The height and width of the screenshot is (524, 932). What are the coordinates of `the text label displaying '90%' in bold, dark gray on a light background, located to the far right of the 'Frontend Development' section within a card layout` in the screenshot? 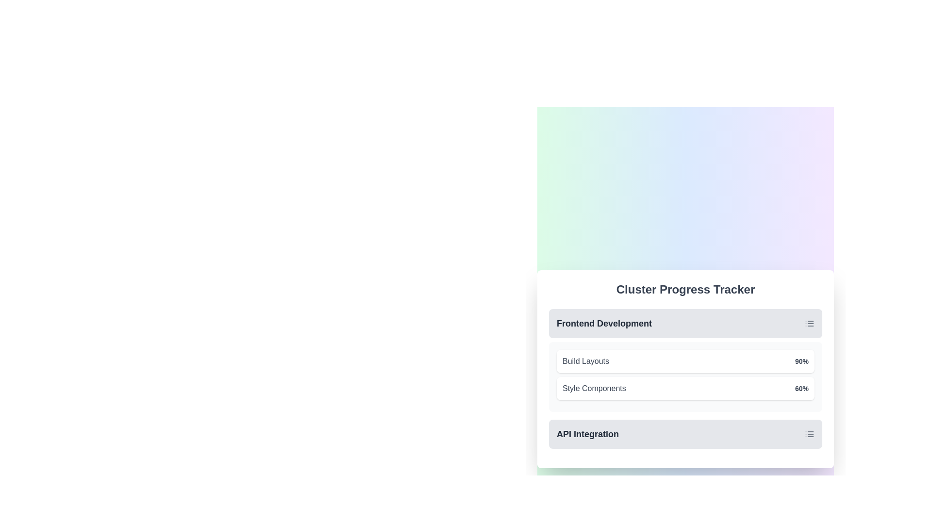 It's located at (801, 361).